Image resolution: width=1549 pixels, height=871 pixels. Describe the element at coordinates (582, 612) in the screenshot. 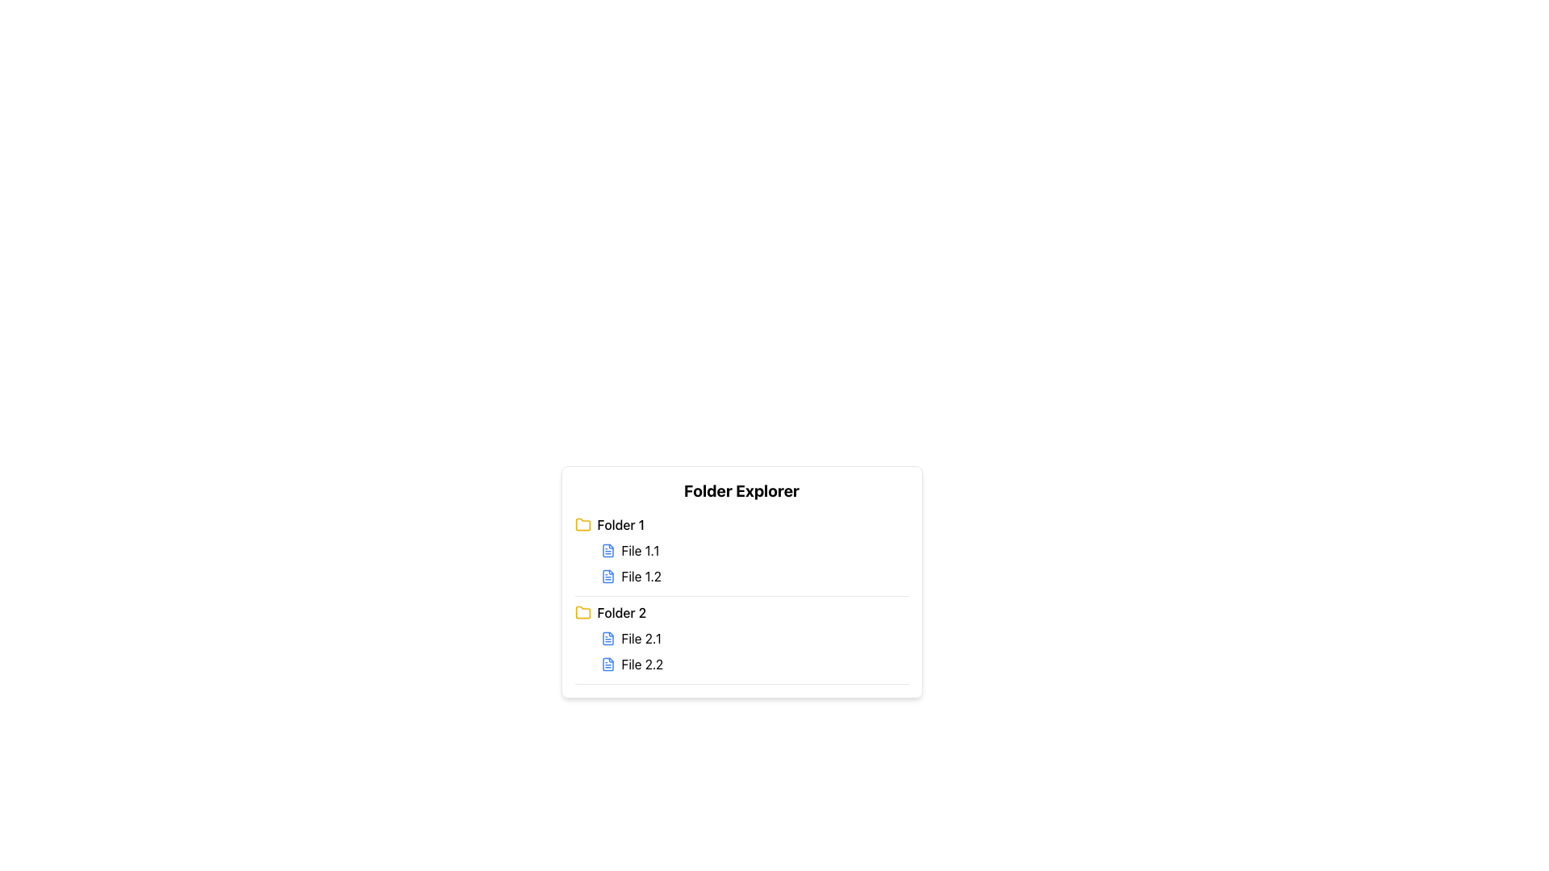

I see `the 'Folder 2' icon in the 'Folder Explorer' interface, which is located beneath 'Folder 1' and before 'File 2.1'` at that location.